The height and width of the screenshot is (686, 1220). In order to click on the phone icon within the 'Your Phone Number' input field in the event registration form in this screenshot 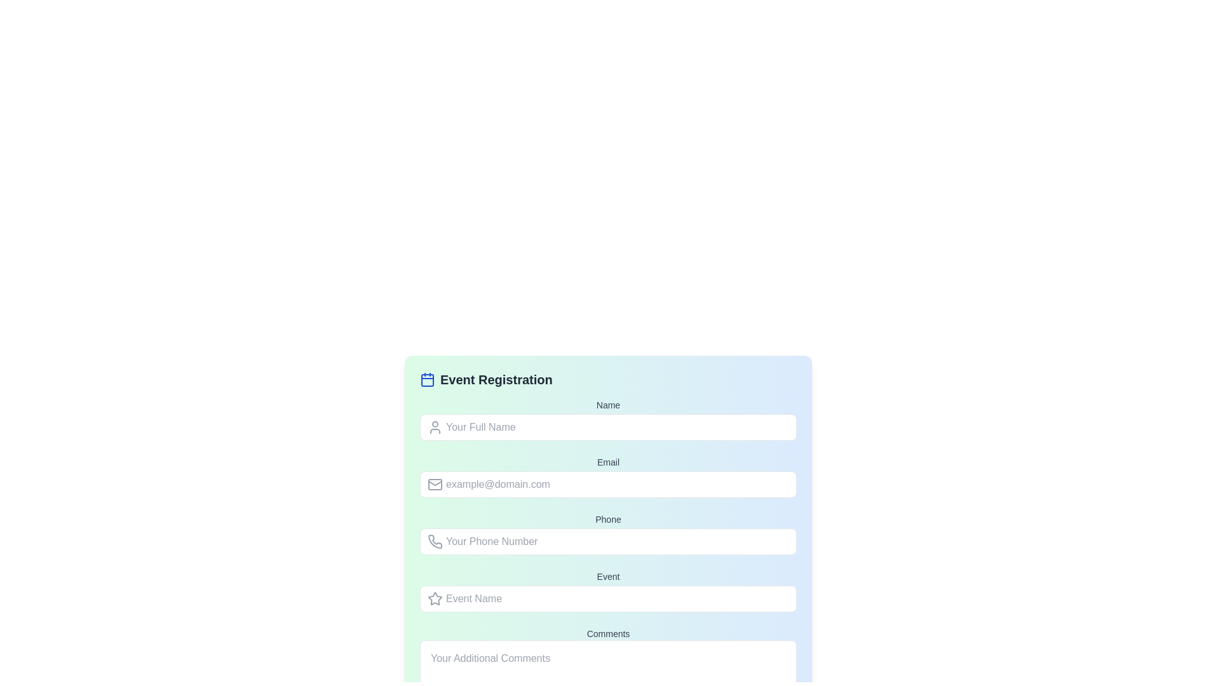, I will do `click(435, 541)`.